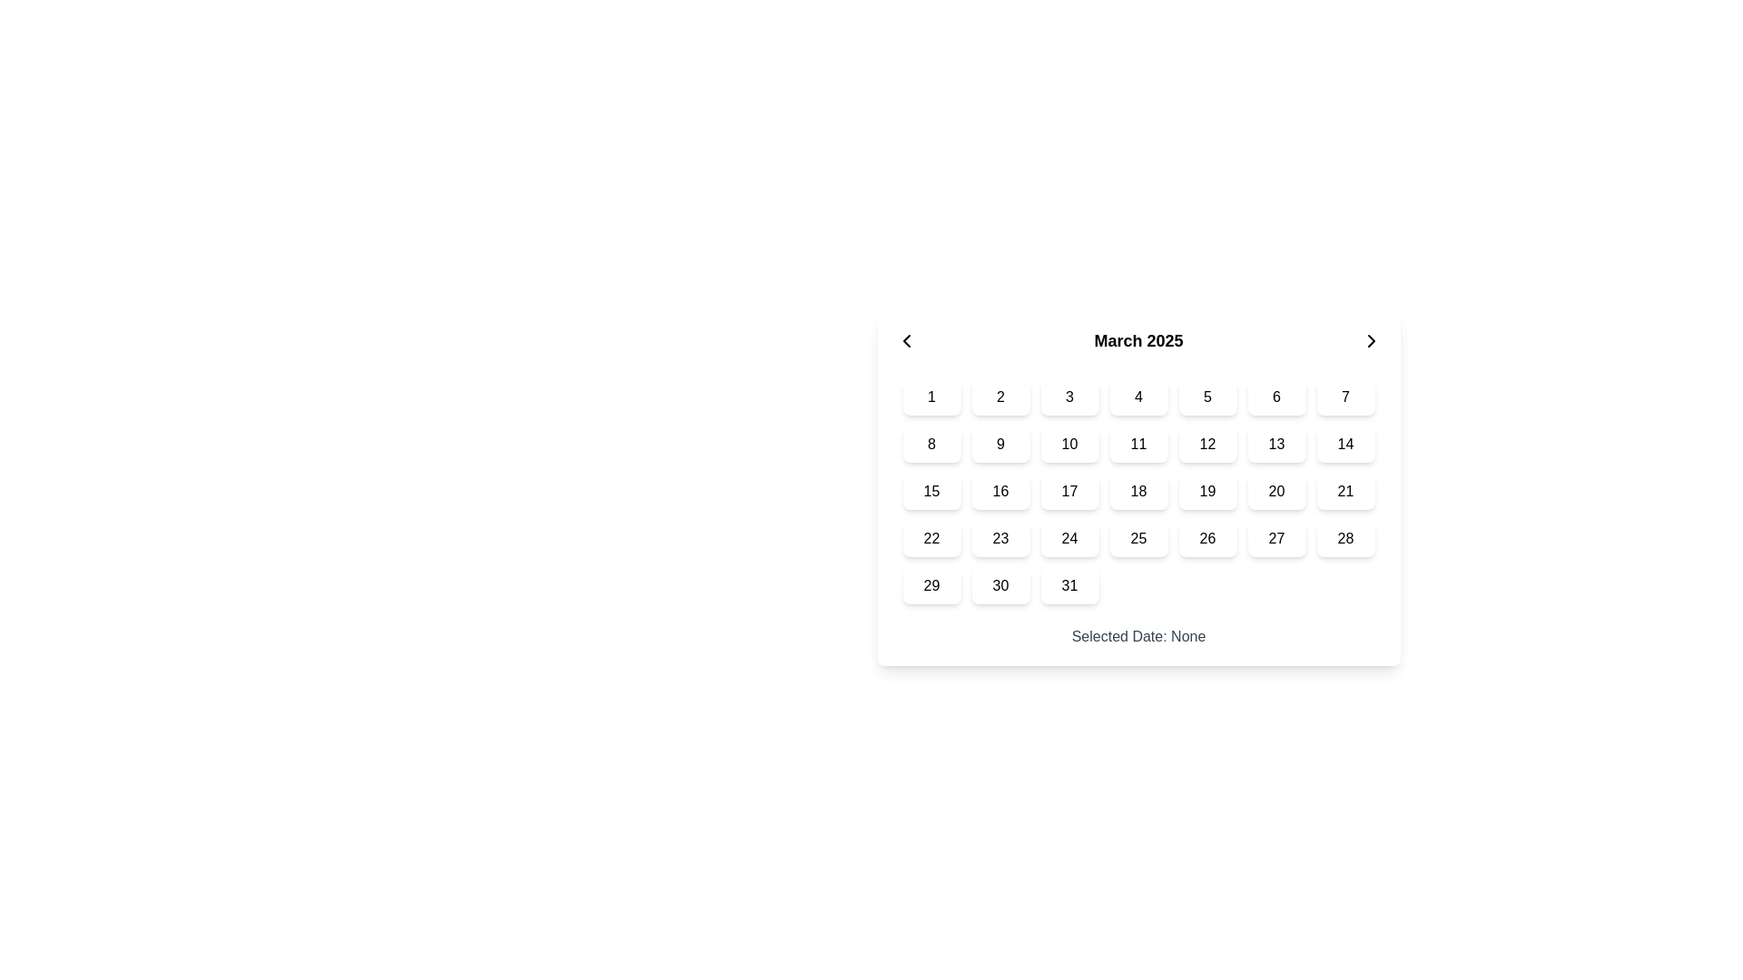  Describe the element at coordinates (1371, 340) in the screenshot. I see `the chevron-right SVG element` at that location.